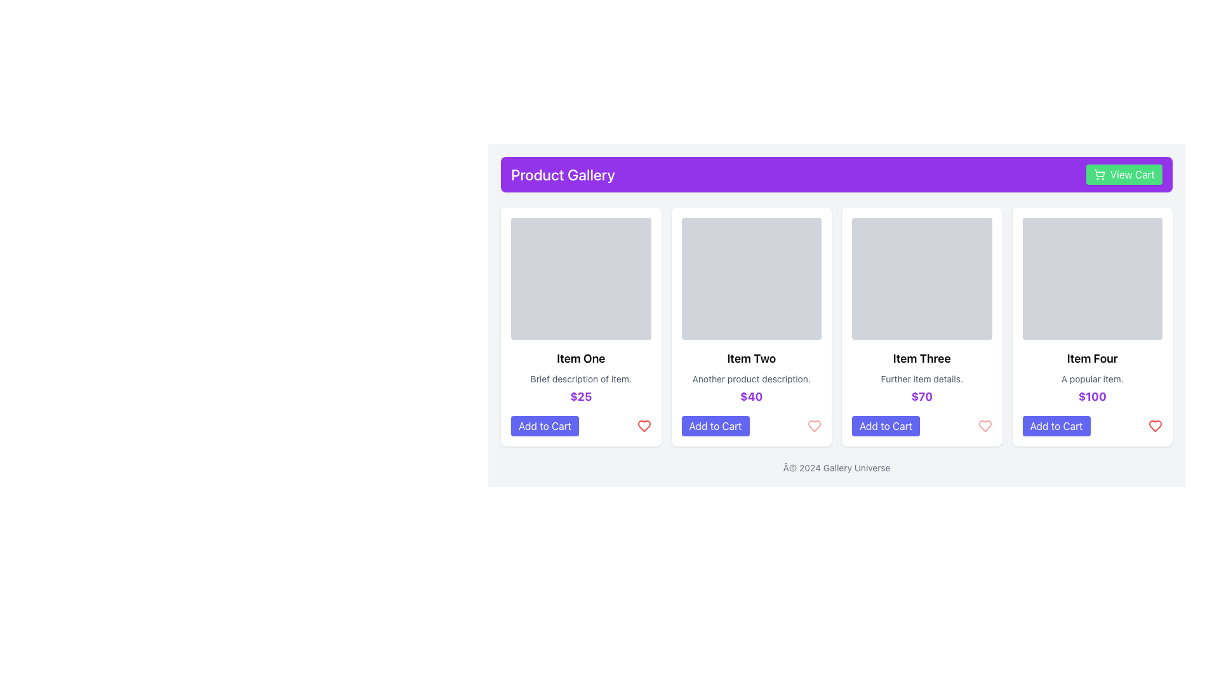 The image size is (1219, 686). Describe the element at coordinates (1098, 174) in the screenshot. I see `the green shopping cart icon within the 'View Cart' button located at the top right corner of the page, just above the product gallery, to the left of the text 'View Cart'` at that location.